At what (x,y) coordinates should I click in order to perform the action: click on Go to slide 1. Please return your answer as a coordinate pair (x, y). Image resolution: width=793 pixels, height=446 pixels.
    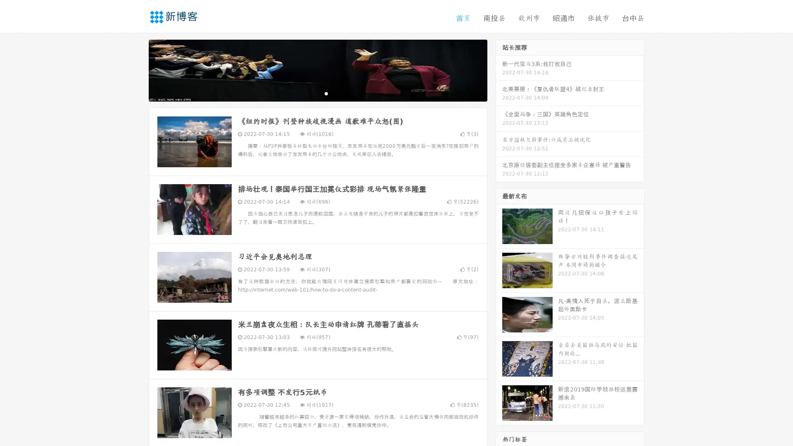
    Looking at the image, I should click on (309, 93).